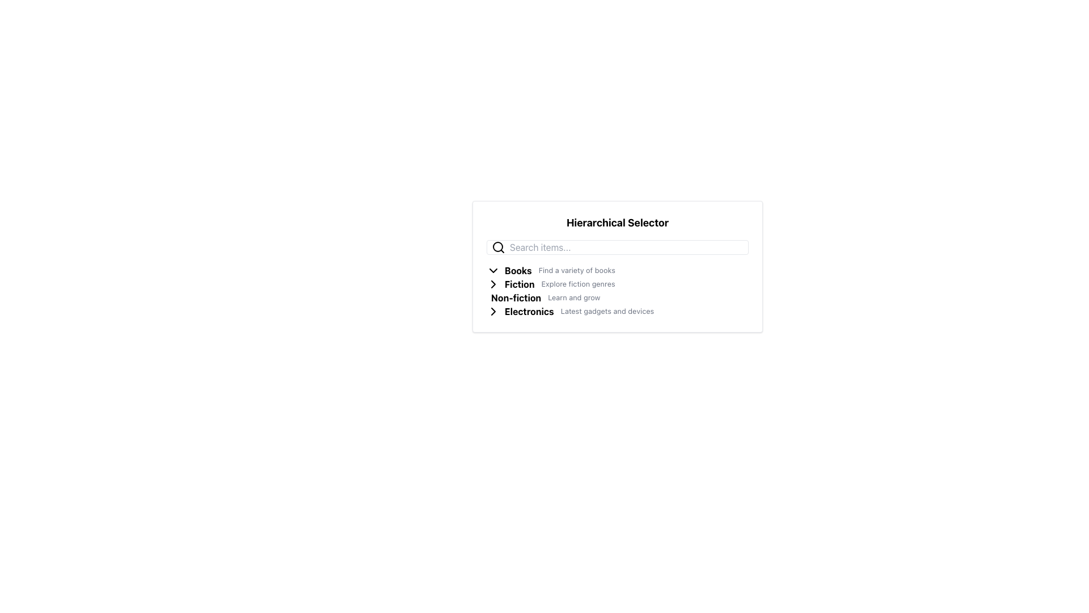  What do you see at coordinates (495, 284) in the screenshot?
I see `the rightward-pointing black chevron icon located to the left of the 'Fiction' text in the hierarchical menu to indicate its interactivity` at bounding box center [495, 284].